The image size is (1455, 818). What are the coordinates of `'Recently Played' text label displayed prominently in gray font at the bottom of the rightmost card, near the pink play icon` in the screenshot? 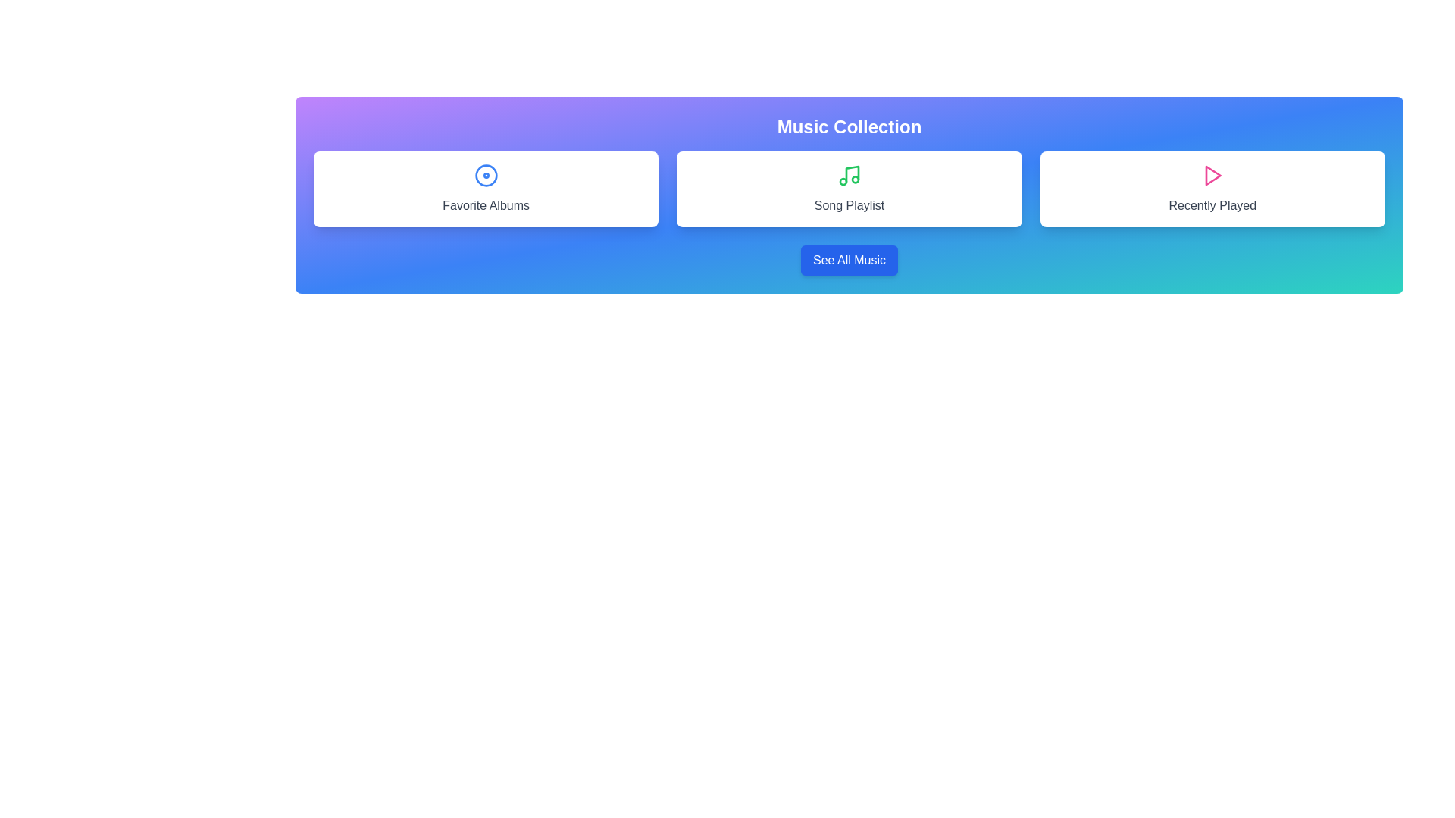 It's located at (1212, 206).